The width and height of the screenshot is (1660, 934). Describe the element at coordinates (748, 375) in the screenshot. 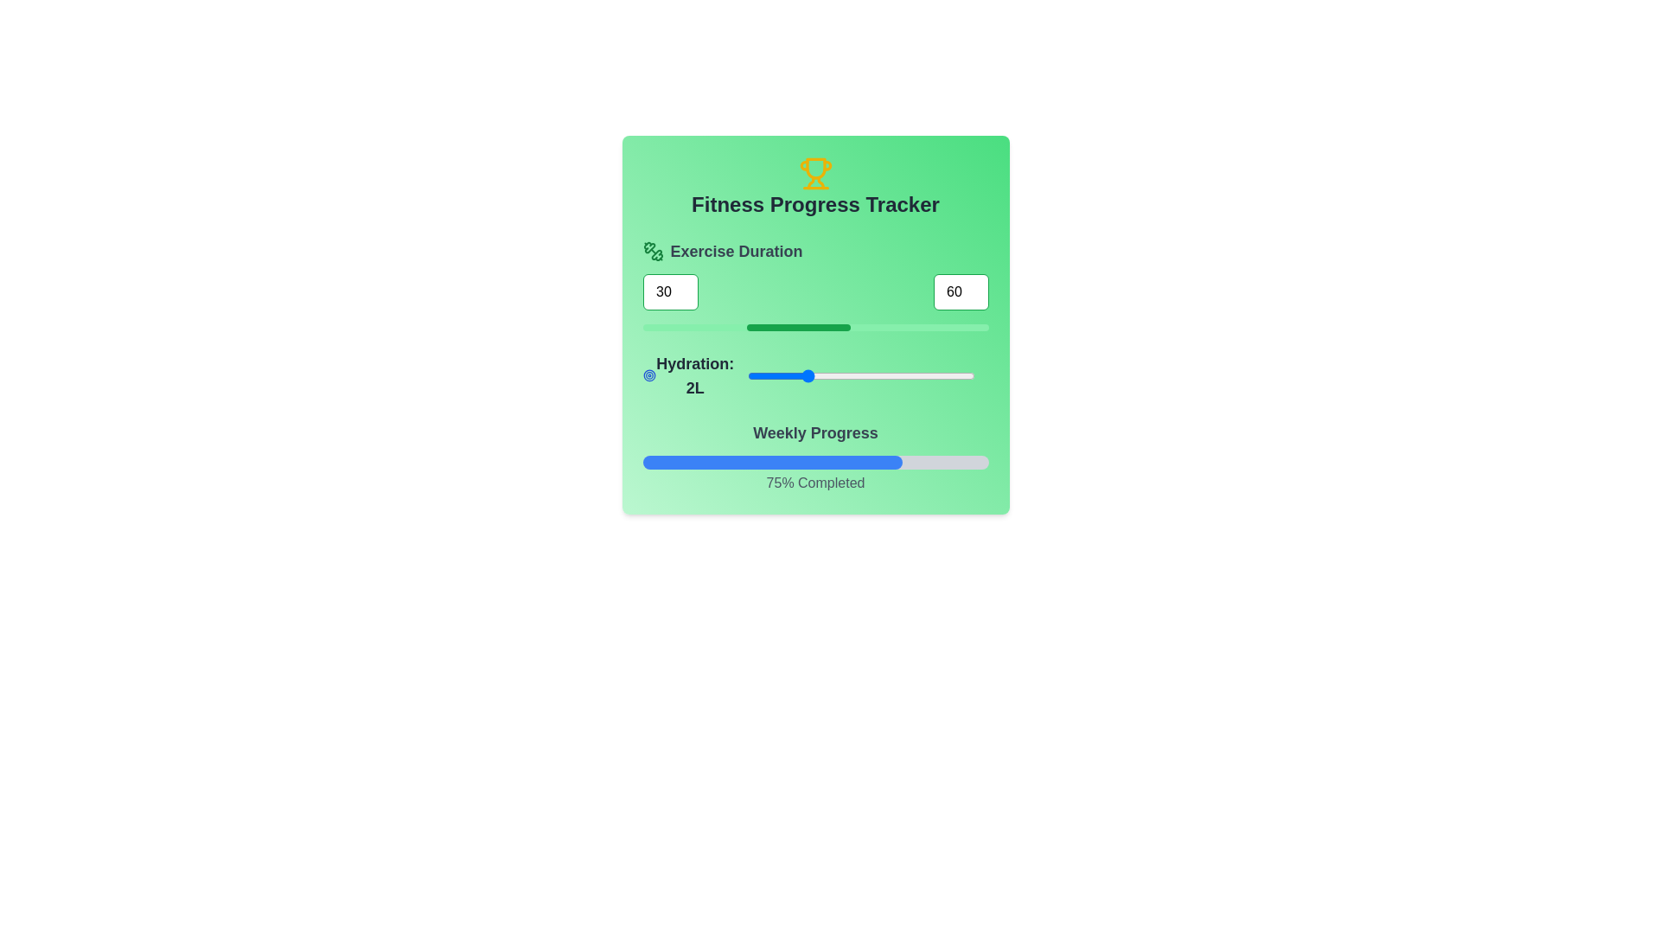

I see `hydration level` at that location.